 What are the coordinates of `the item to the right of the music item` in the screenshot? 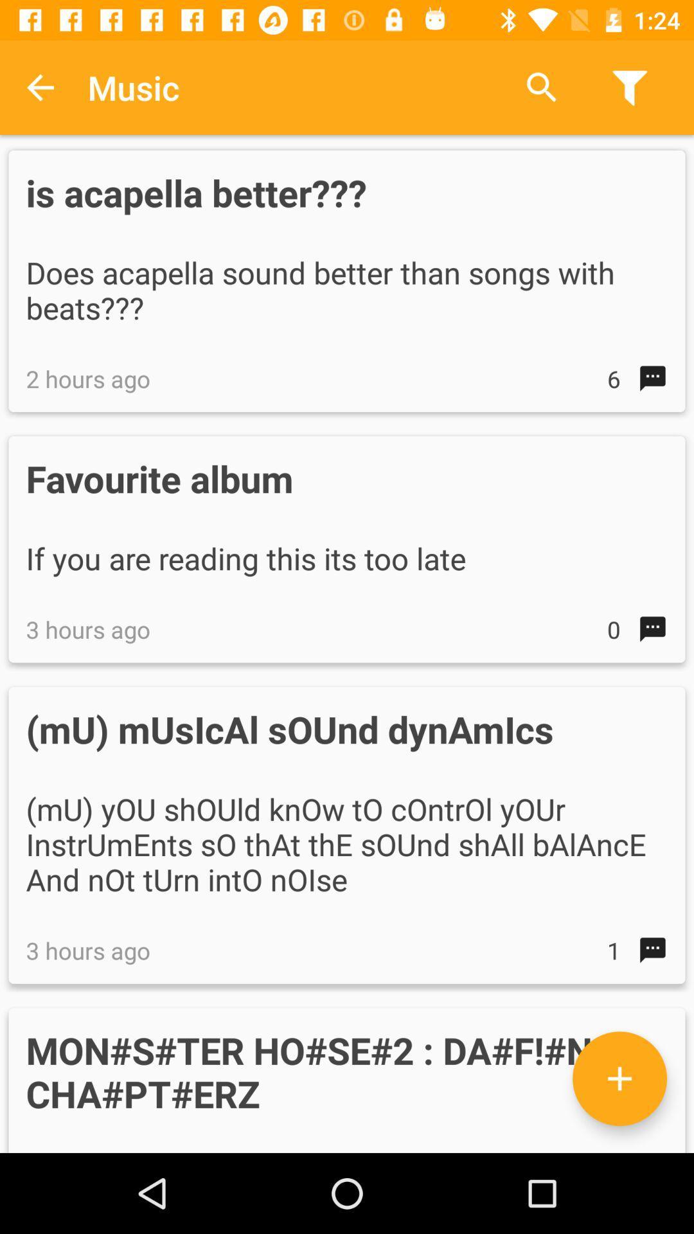 It's located at (542, 87).